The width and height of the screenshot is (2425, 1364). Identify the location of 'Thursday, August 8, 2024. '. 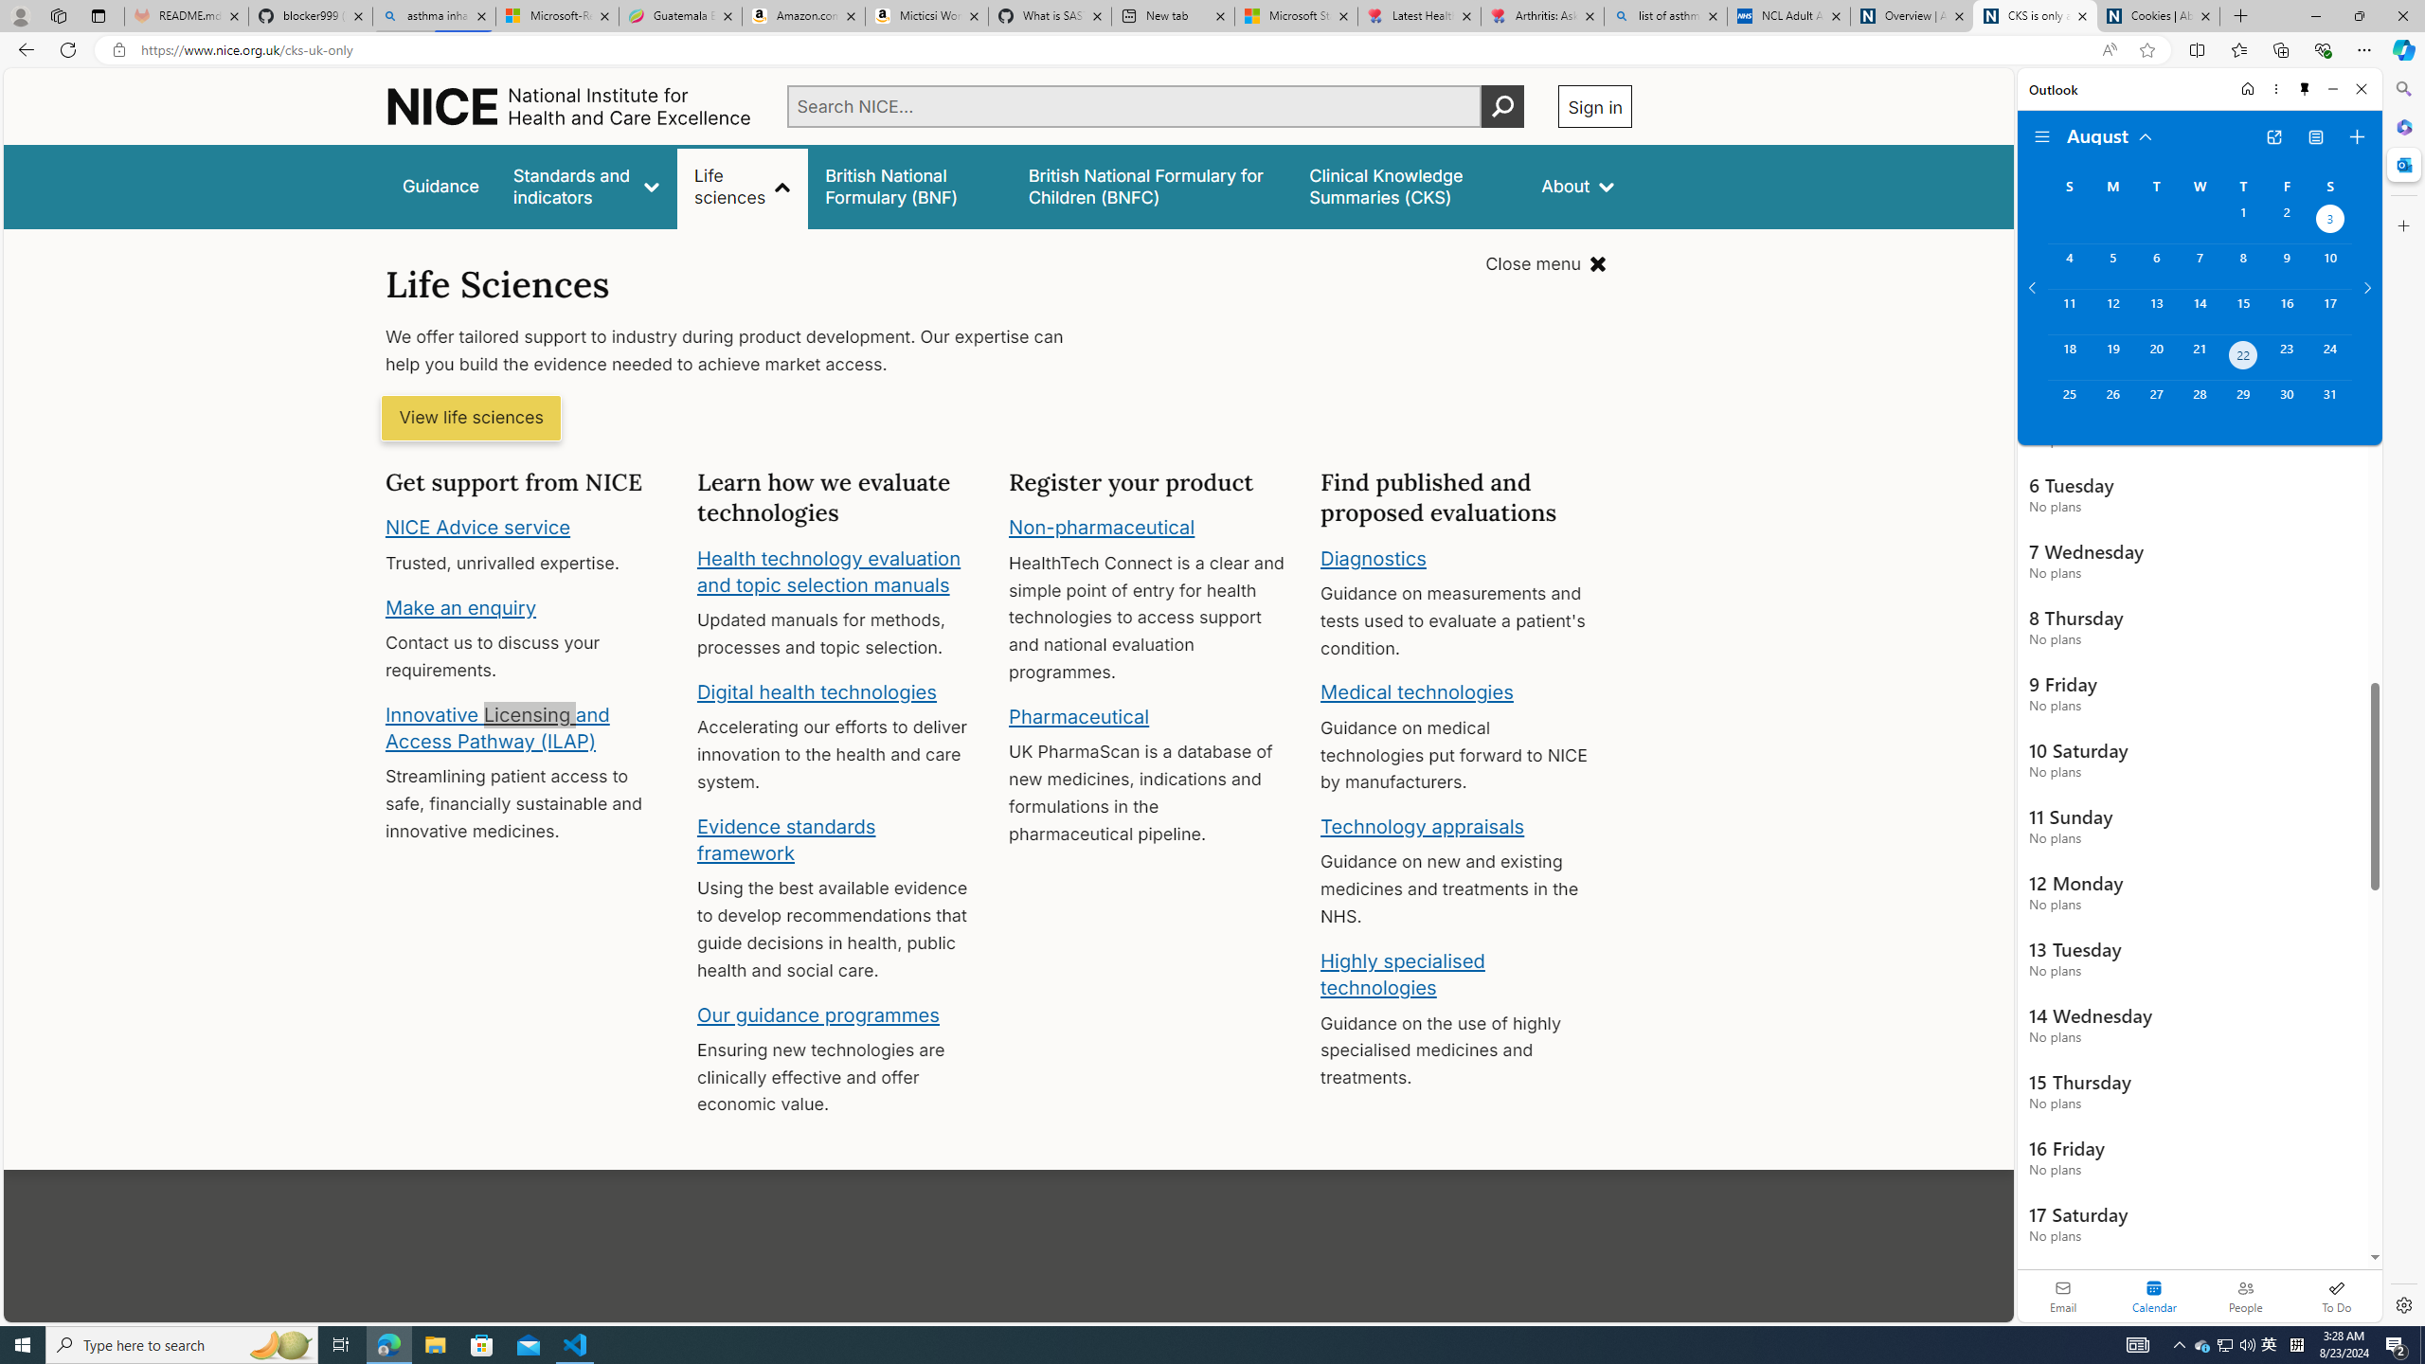
(2243, 265).